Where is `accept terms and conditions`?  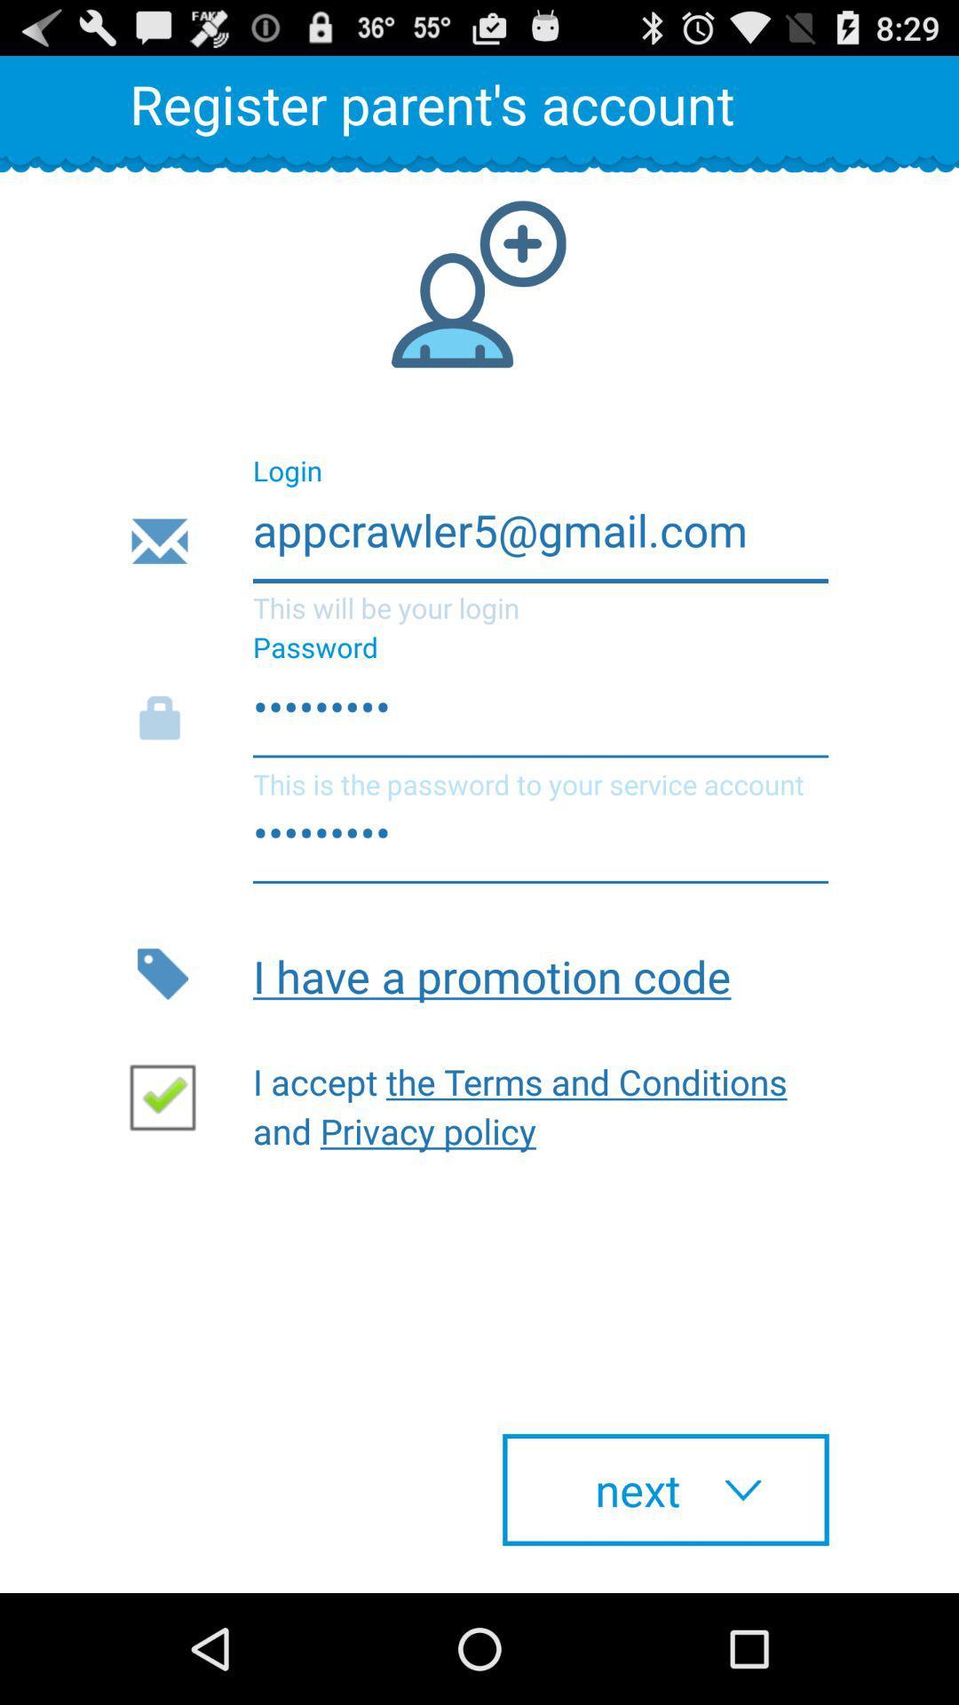 accept terms and conditions is located at coordinates (170, 1095).